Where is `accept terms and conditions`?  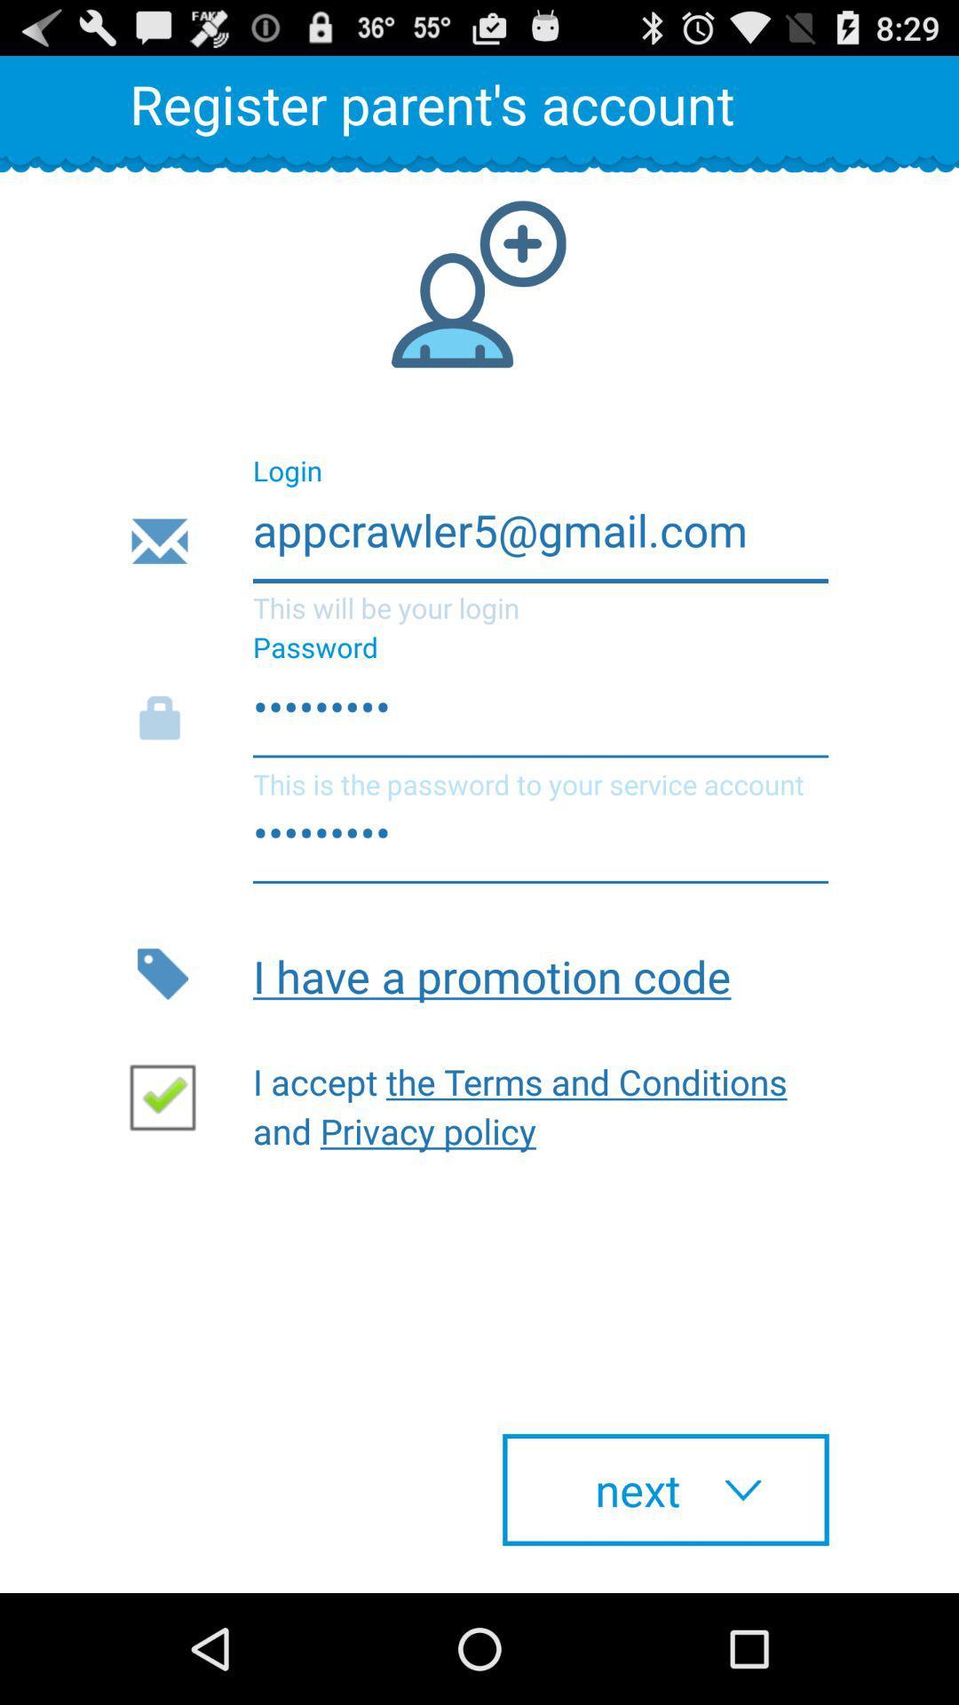 accept terms and conditions is located at coordinates (170, 1095).